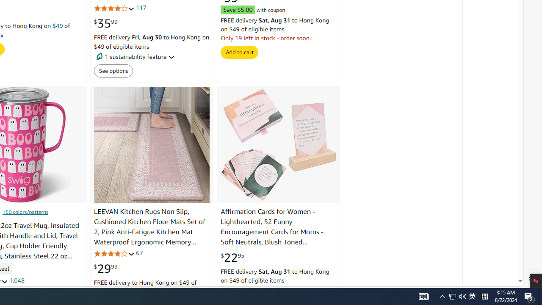 This screenshot has width=542, height=305. Describe the element at coordinates (239, 52) in the screenshot. I see `'Add to cart'` at that location.